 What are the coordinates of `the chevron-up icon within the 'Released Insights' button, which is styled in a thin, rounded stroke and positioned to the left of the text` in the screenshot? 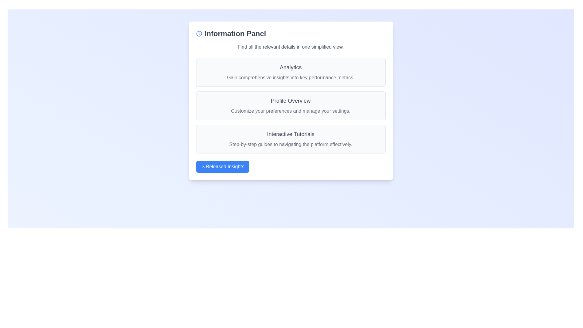 It's located at (203, 166).